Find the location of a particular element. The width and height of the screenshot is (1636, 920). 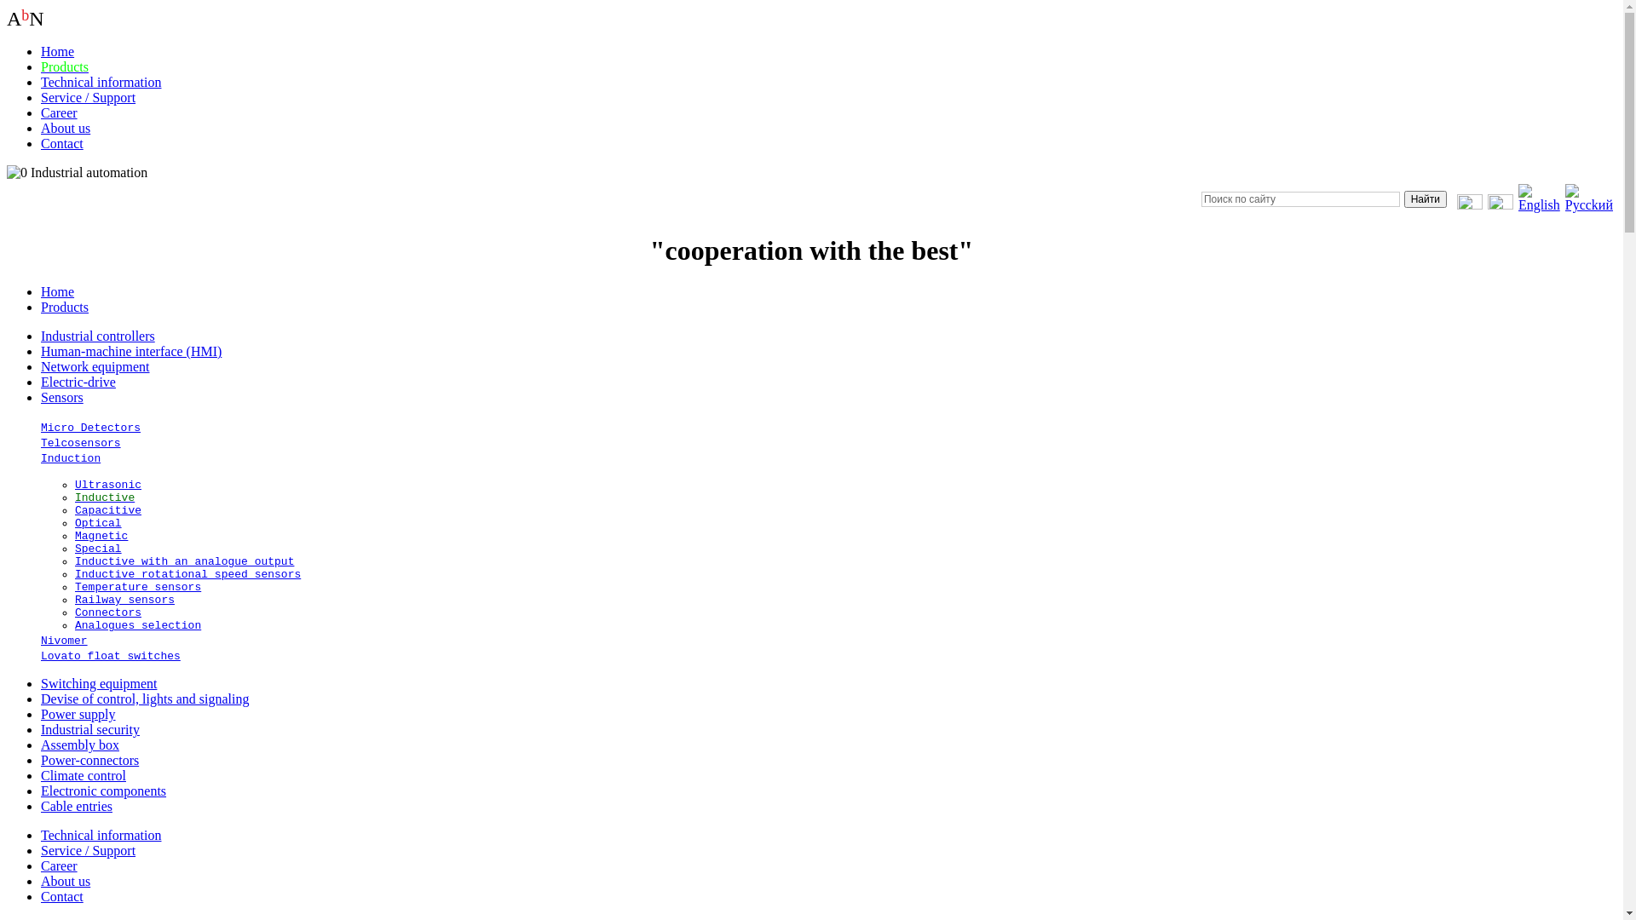

'Electronic components' is located at coordinates (102, 791).